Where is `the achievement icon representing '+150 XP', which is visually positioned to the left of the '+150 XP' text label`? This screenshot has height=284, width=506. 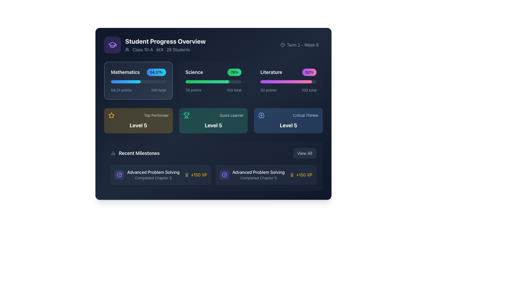 the achievement icon representing '+150 XP', which is visually positioned to the left of the '+150 XP' text label is located at coordinates (187, 175).